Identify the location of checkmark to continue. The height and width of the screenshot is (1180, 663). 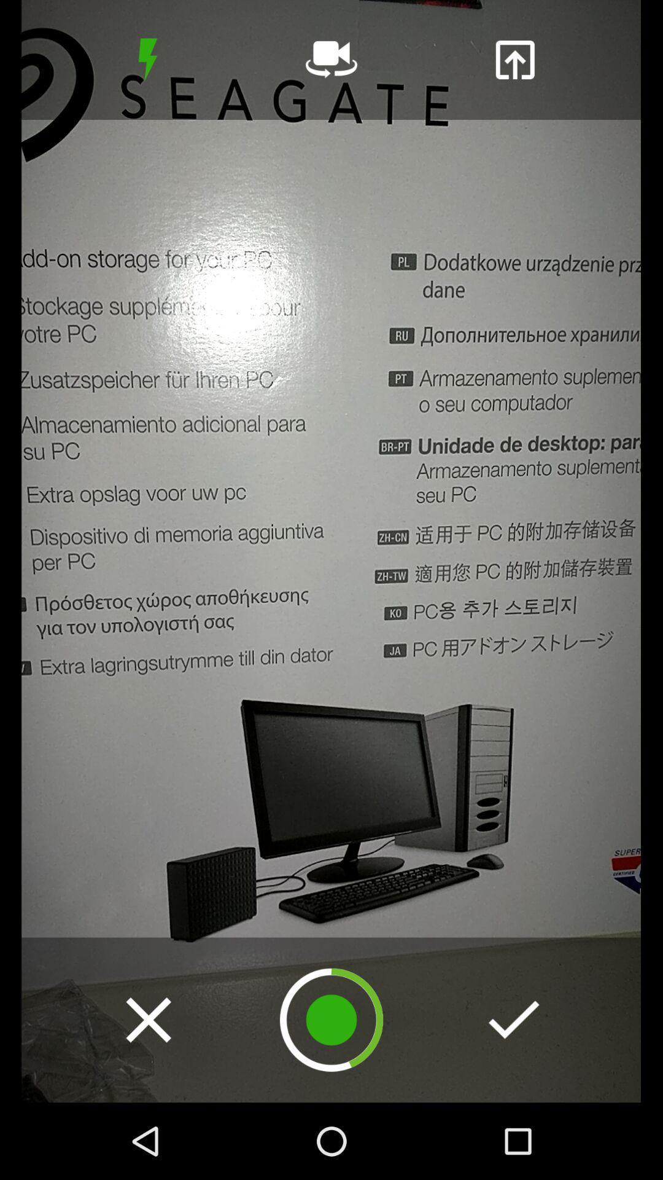
(514, 1020).